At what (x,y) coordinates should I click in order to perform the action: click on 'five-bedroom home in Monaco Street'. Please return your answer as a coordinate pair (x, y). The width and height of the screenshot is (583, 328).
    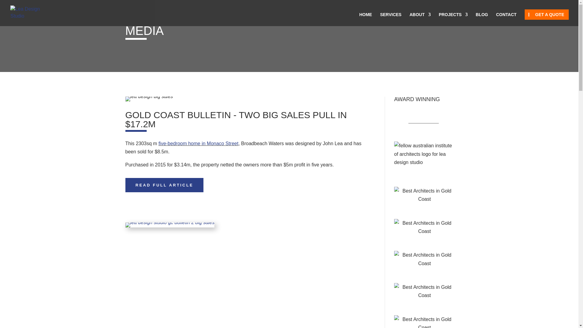
    Looking at the image, I should click on (159, 143).